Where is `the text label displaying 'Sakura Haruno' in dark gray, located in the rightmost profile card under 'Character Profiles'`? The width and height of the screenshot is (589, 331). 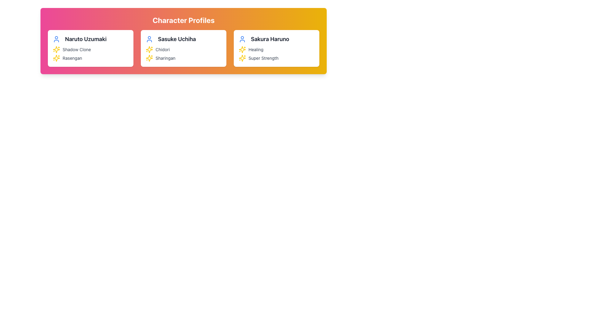 the text label displaying 'Sakura Haruno' in dark gray, located in the rightmost profile card under 'Character Profiles' is located at coordinates (270, 39).